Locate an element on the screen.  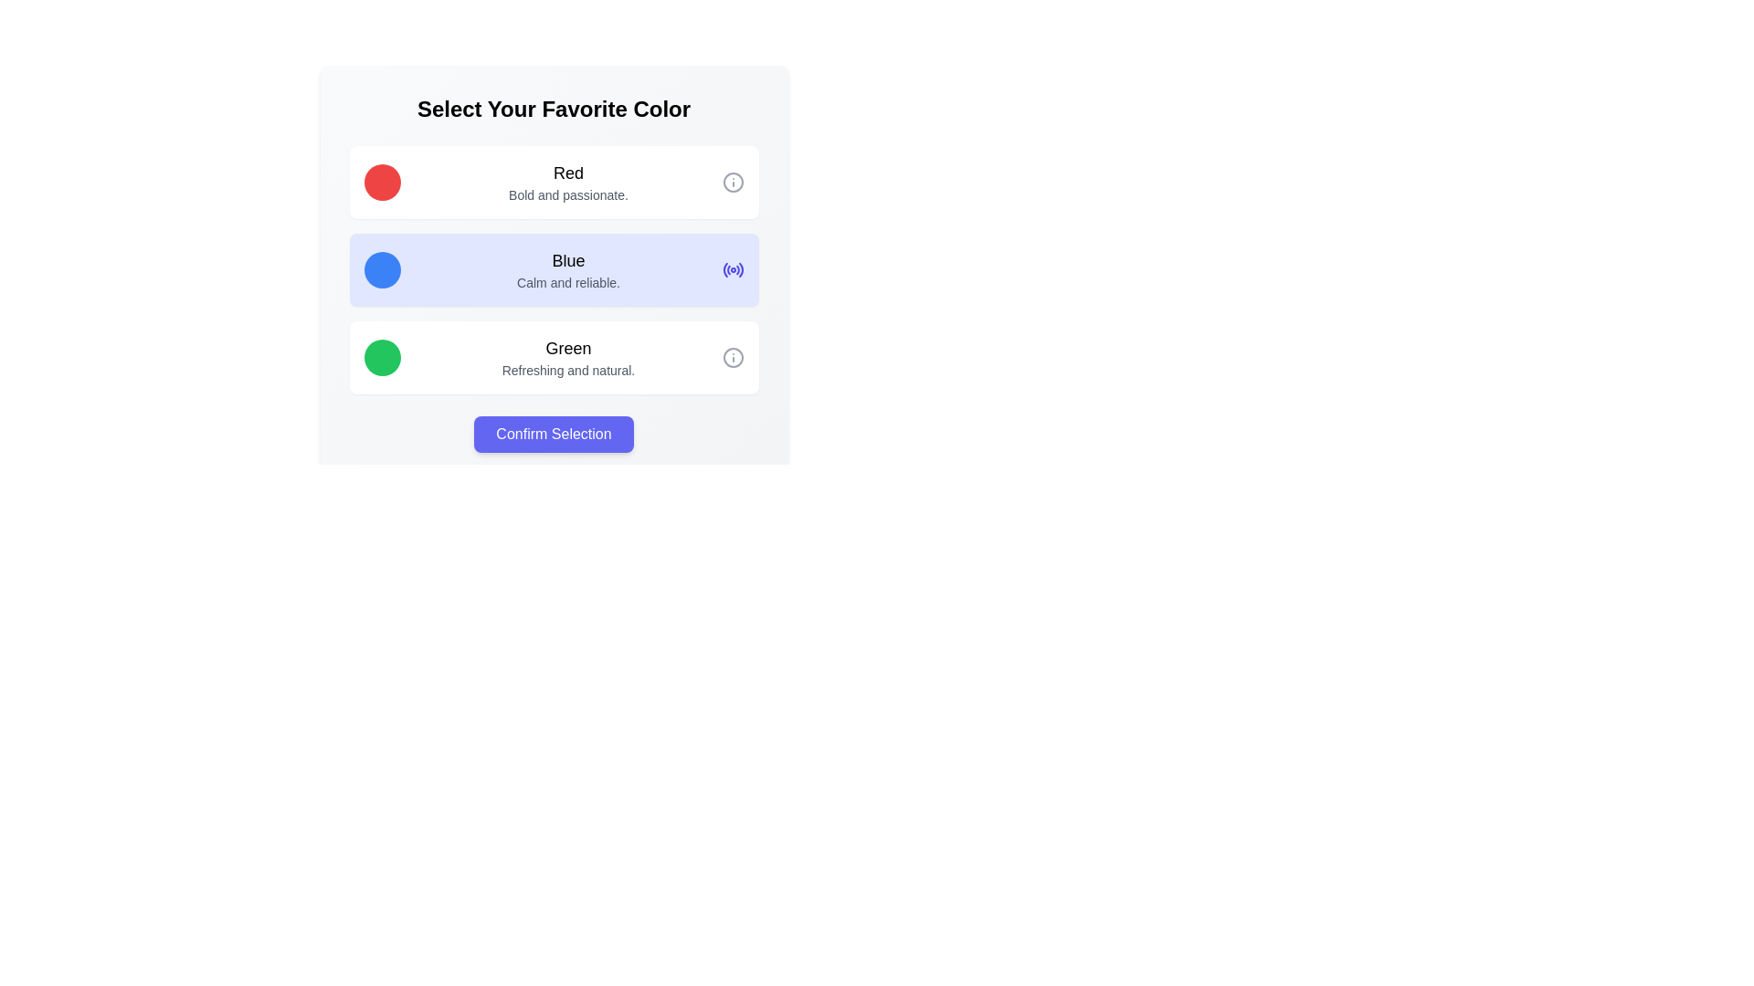
details associated with the SVG circle component that indicates 'Green' in the color selection interface is located at coordinates (733, 183).